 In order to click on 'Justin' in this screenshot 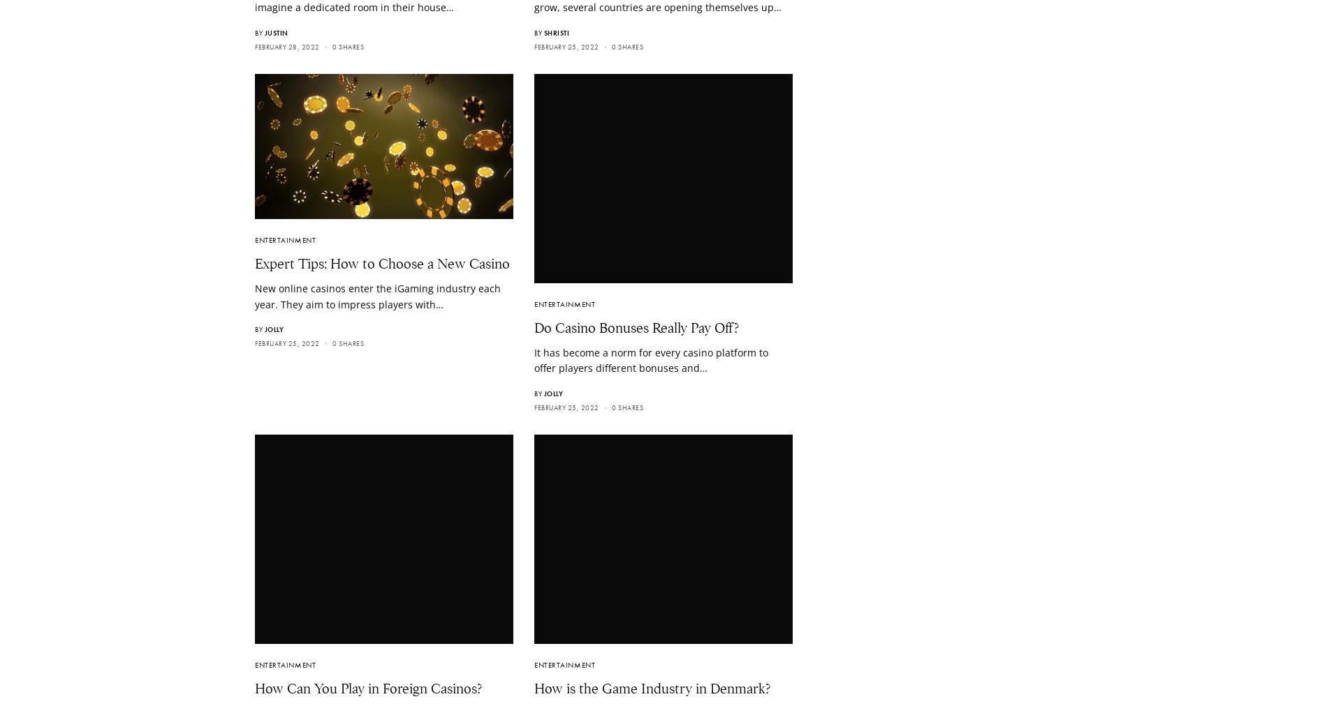, I will do `click(275, 31)`.